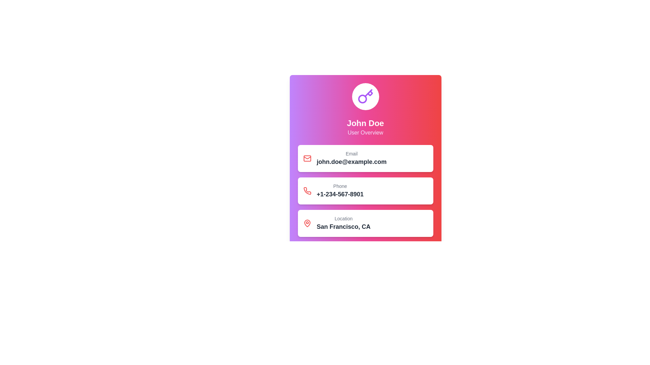 The width and height of the screenshot is (650, 365). Describe the element at coordinates (307, 223) in the screenshot. I see `the red map pin icon located in the 'Location' section of the vertically stacked list` at that location.